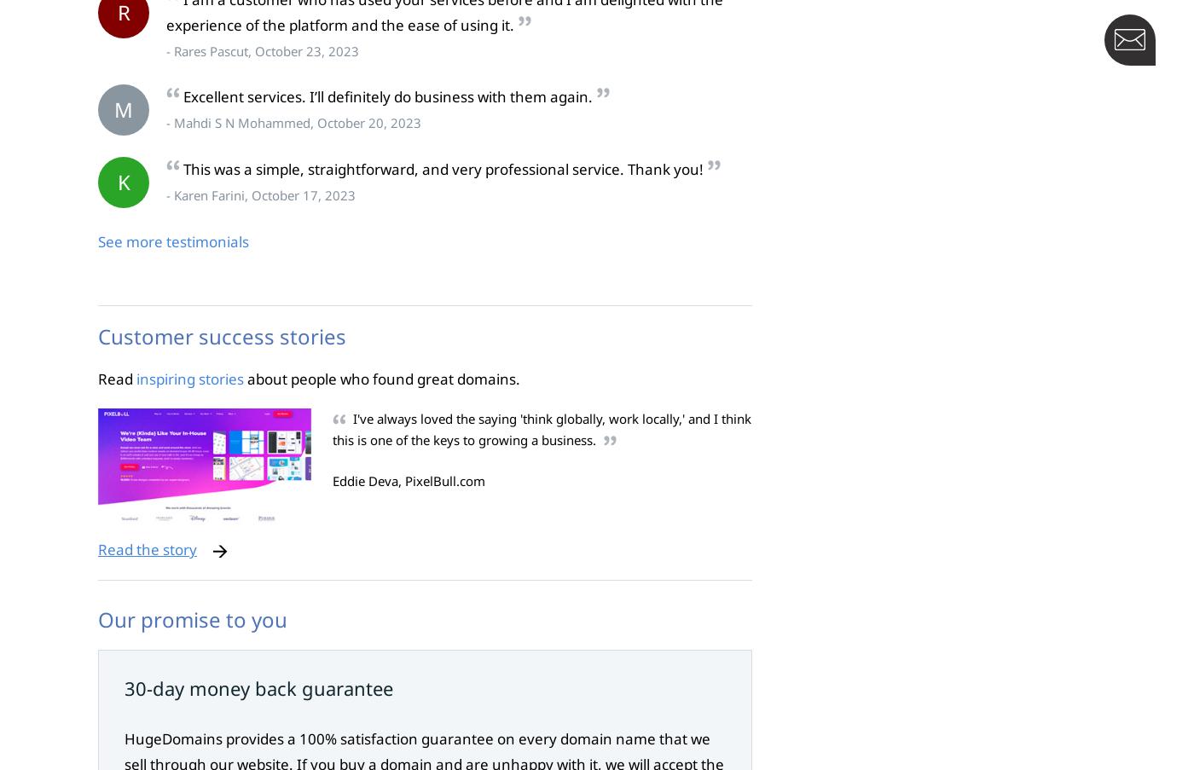  I want to click on 'Customer success stories', so click(222, 334).